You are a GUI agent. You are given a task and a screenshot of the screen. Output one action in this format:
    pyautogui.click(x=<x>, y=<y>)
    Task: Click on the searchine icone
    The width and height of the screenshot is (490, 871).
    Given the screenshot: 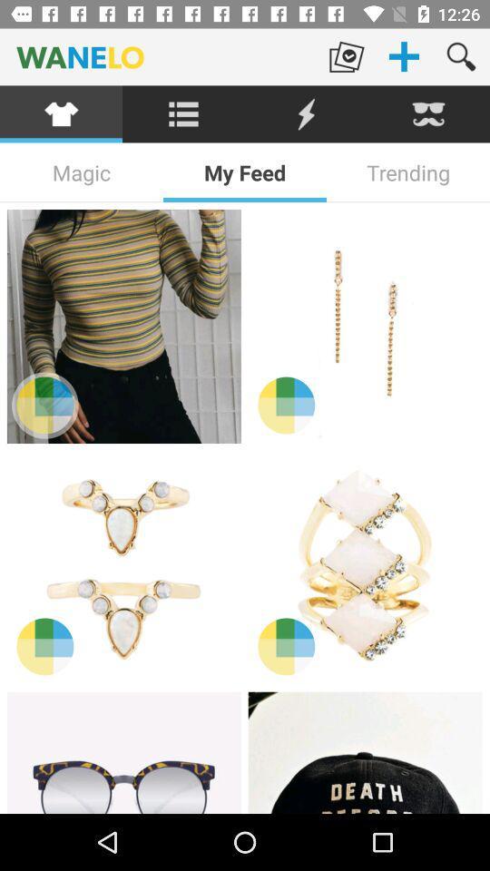 What is the action you would take?
    pyautogui.click(x=183, y=113)
    